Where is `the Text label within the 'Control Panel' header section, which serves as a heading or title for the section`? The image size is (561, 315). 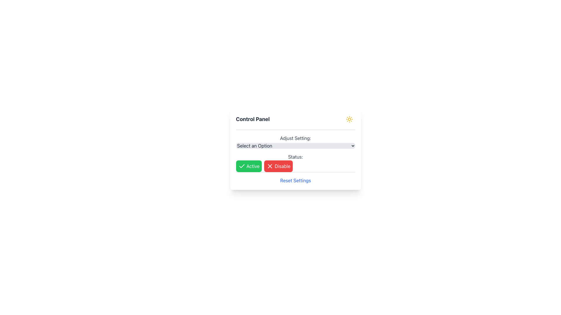
the Text label within the 'Control Panel' header section, which serves as a heading or title for the section is located at coordinates (253, 119).